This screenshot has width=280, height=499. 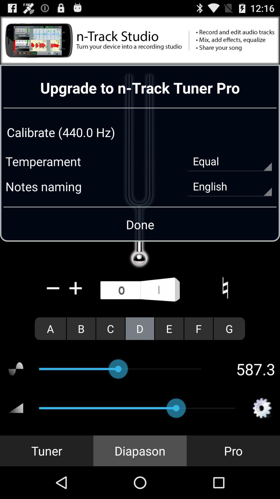 I want to click on g radio button, so click(x=229, y=328).